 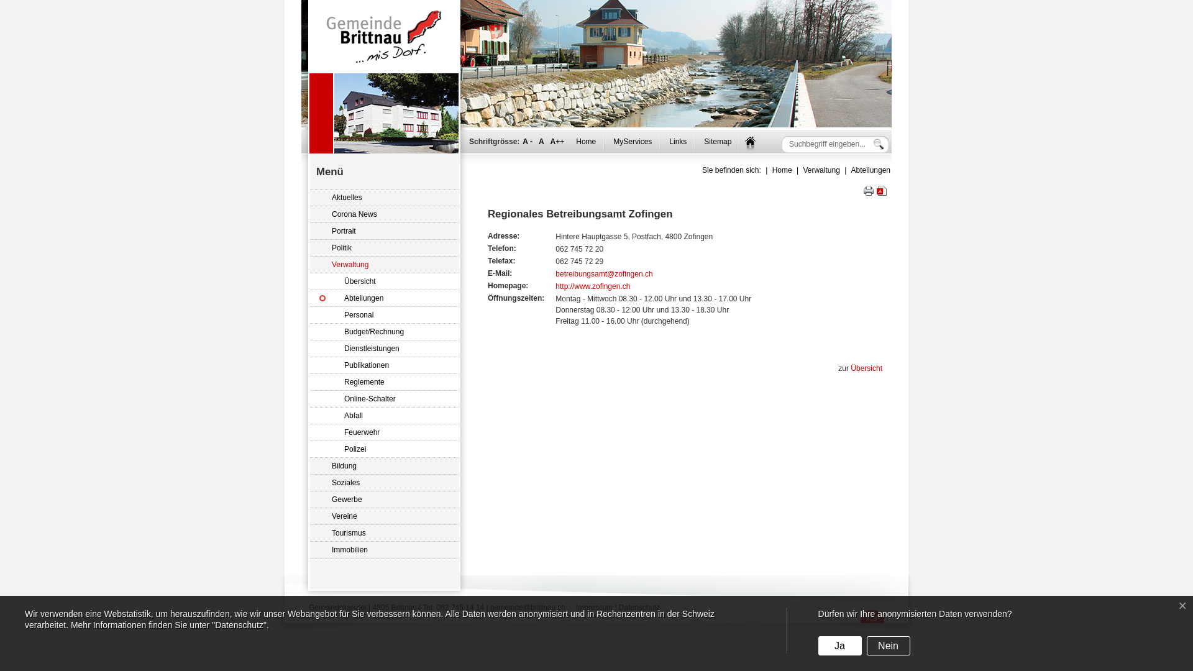 I want to click on 'Gemeinde Brittnau', so click(x=383, y=35).